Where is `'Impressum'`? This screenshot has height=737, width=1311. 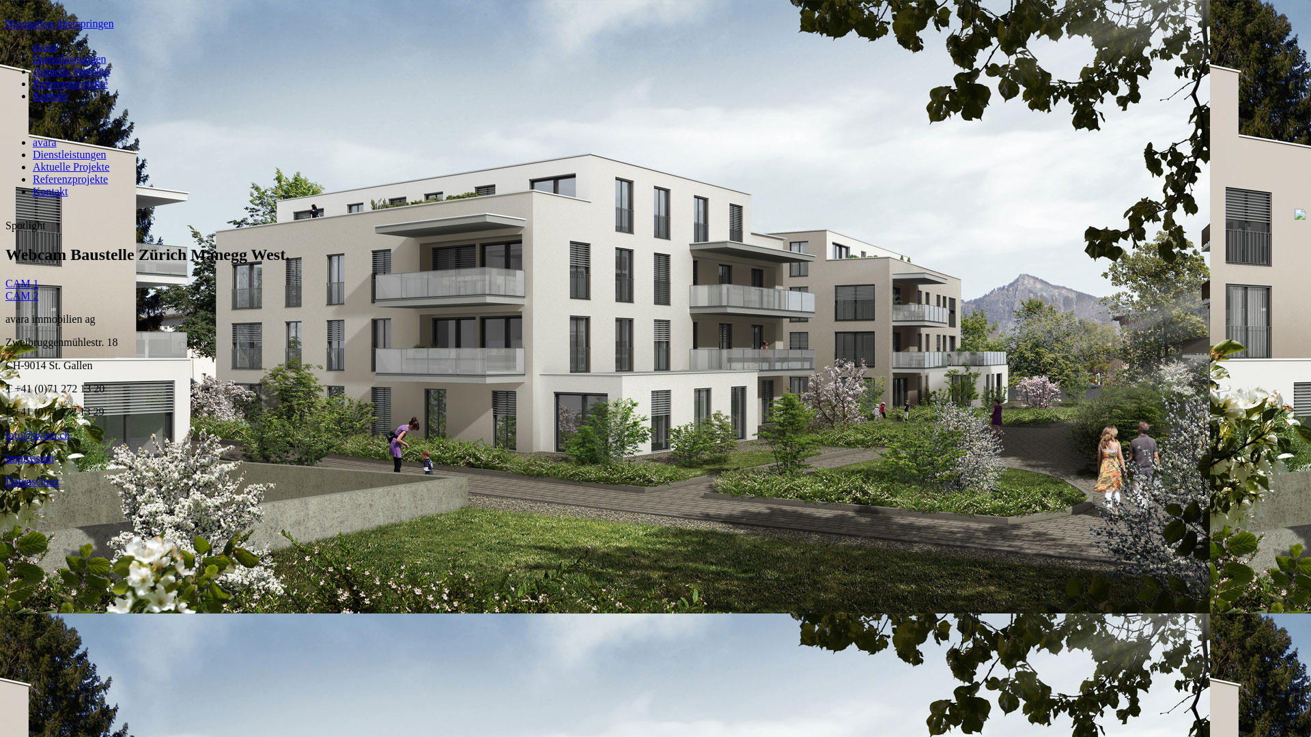 'Impressum' is located at coordinates (29, 458).